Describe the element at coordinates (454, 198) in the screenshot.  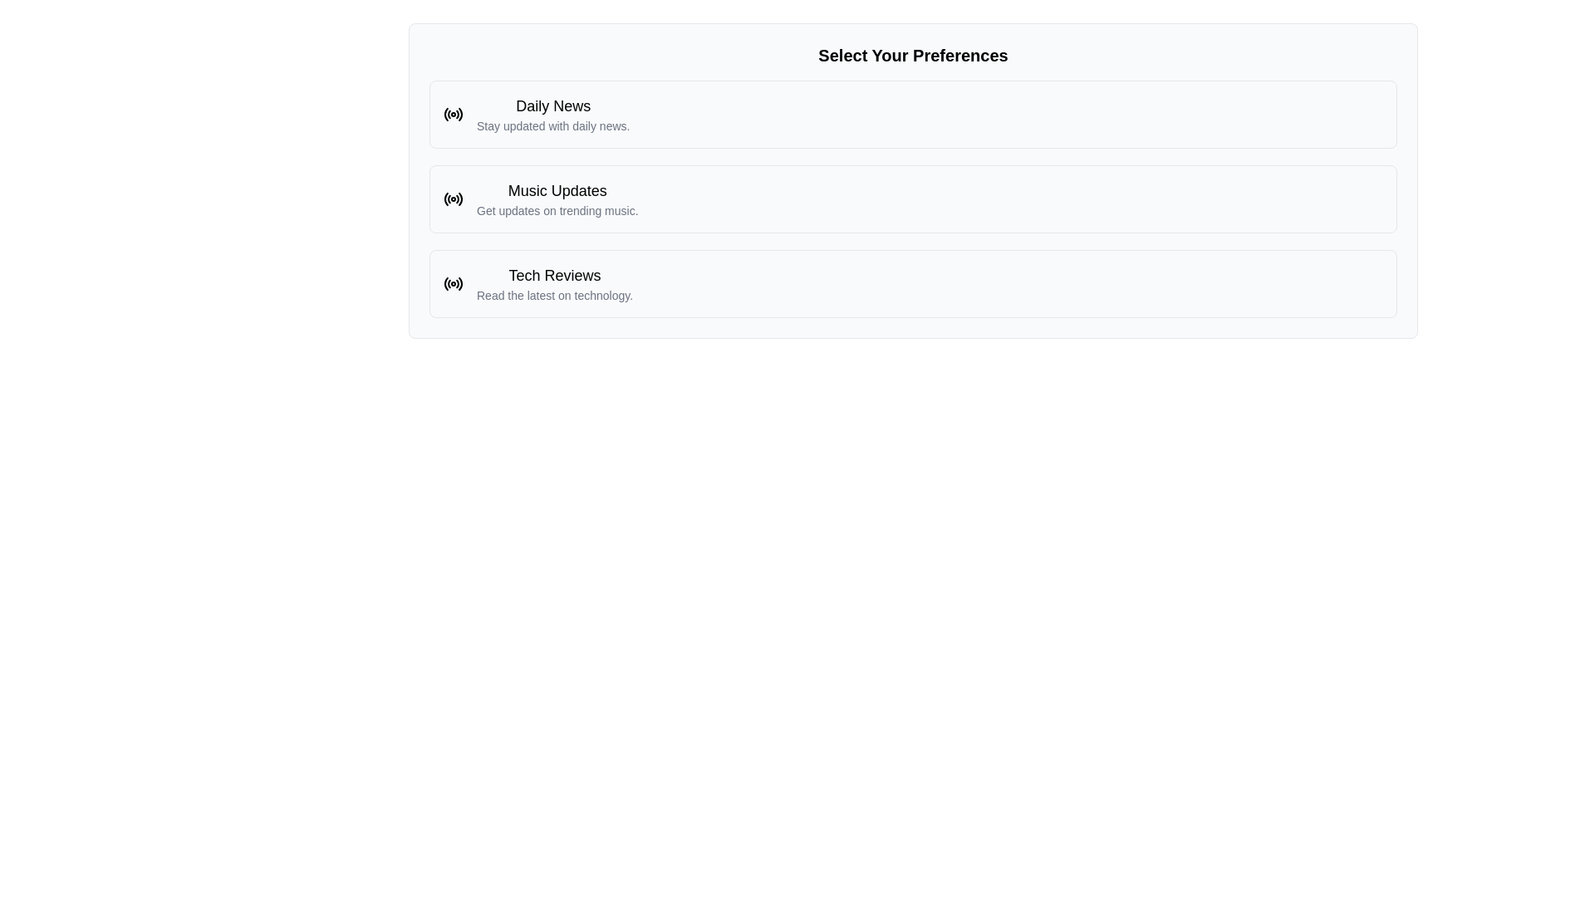
I see `the 'Music Updates' icon located to the far left within the 'Music Updates' block, next to the text 'Music Updates' and 'Get updates on trending music.'` at that location.